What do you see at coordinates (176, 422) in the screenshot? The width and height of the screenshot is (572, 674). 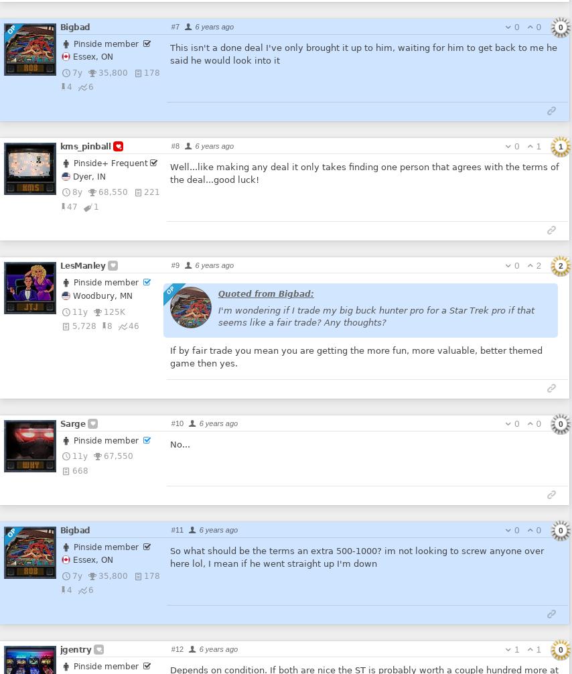 I see `'#10'` at bounding box center [176, 422].